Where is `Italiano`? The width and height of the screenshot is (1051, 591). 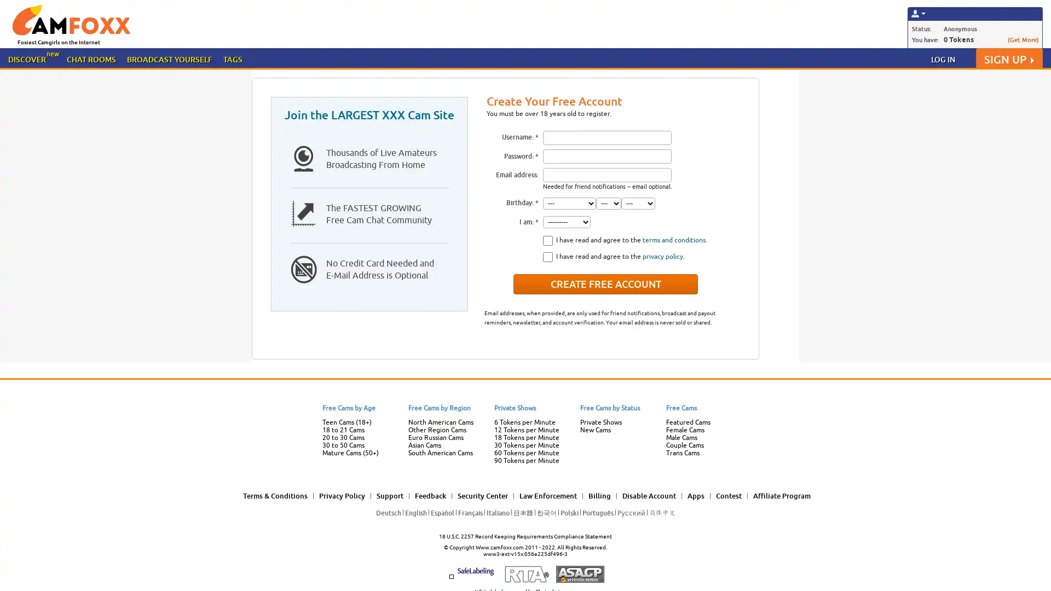 Italiano is located at coordinates (498, 513).